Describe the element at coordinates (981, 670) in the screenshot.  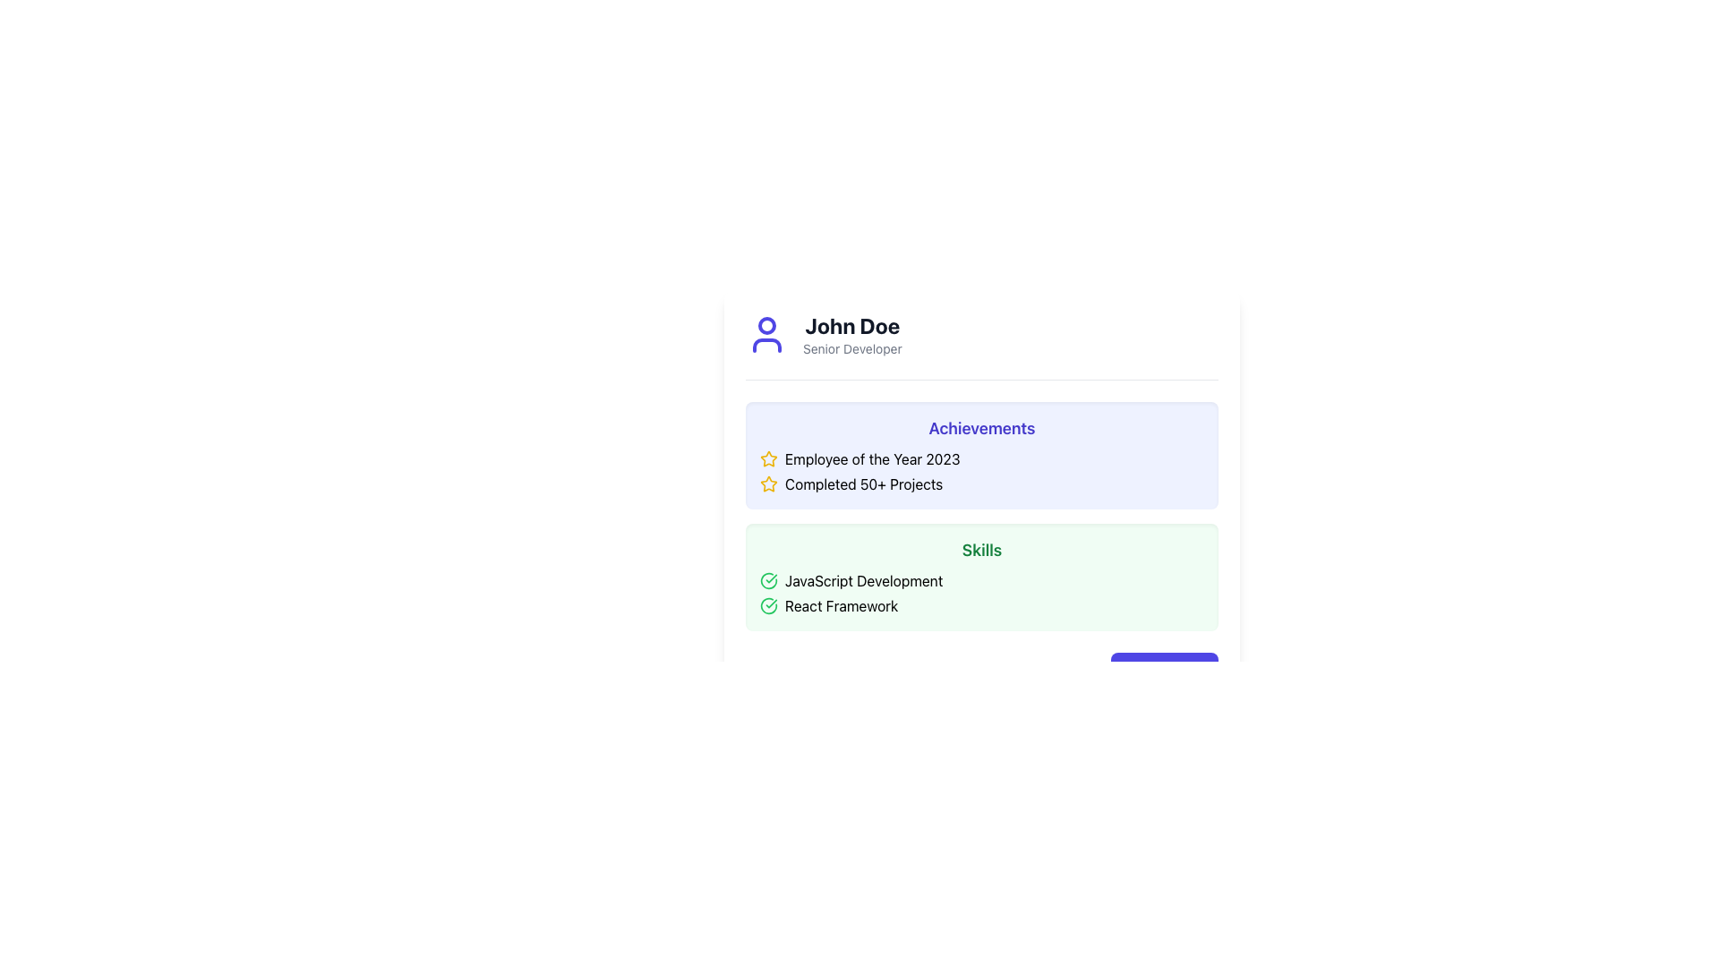
I see `the settings button located in the bottom-right corner of the user information card` at that location.